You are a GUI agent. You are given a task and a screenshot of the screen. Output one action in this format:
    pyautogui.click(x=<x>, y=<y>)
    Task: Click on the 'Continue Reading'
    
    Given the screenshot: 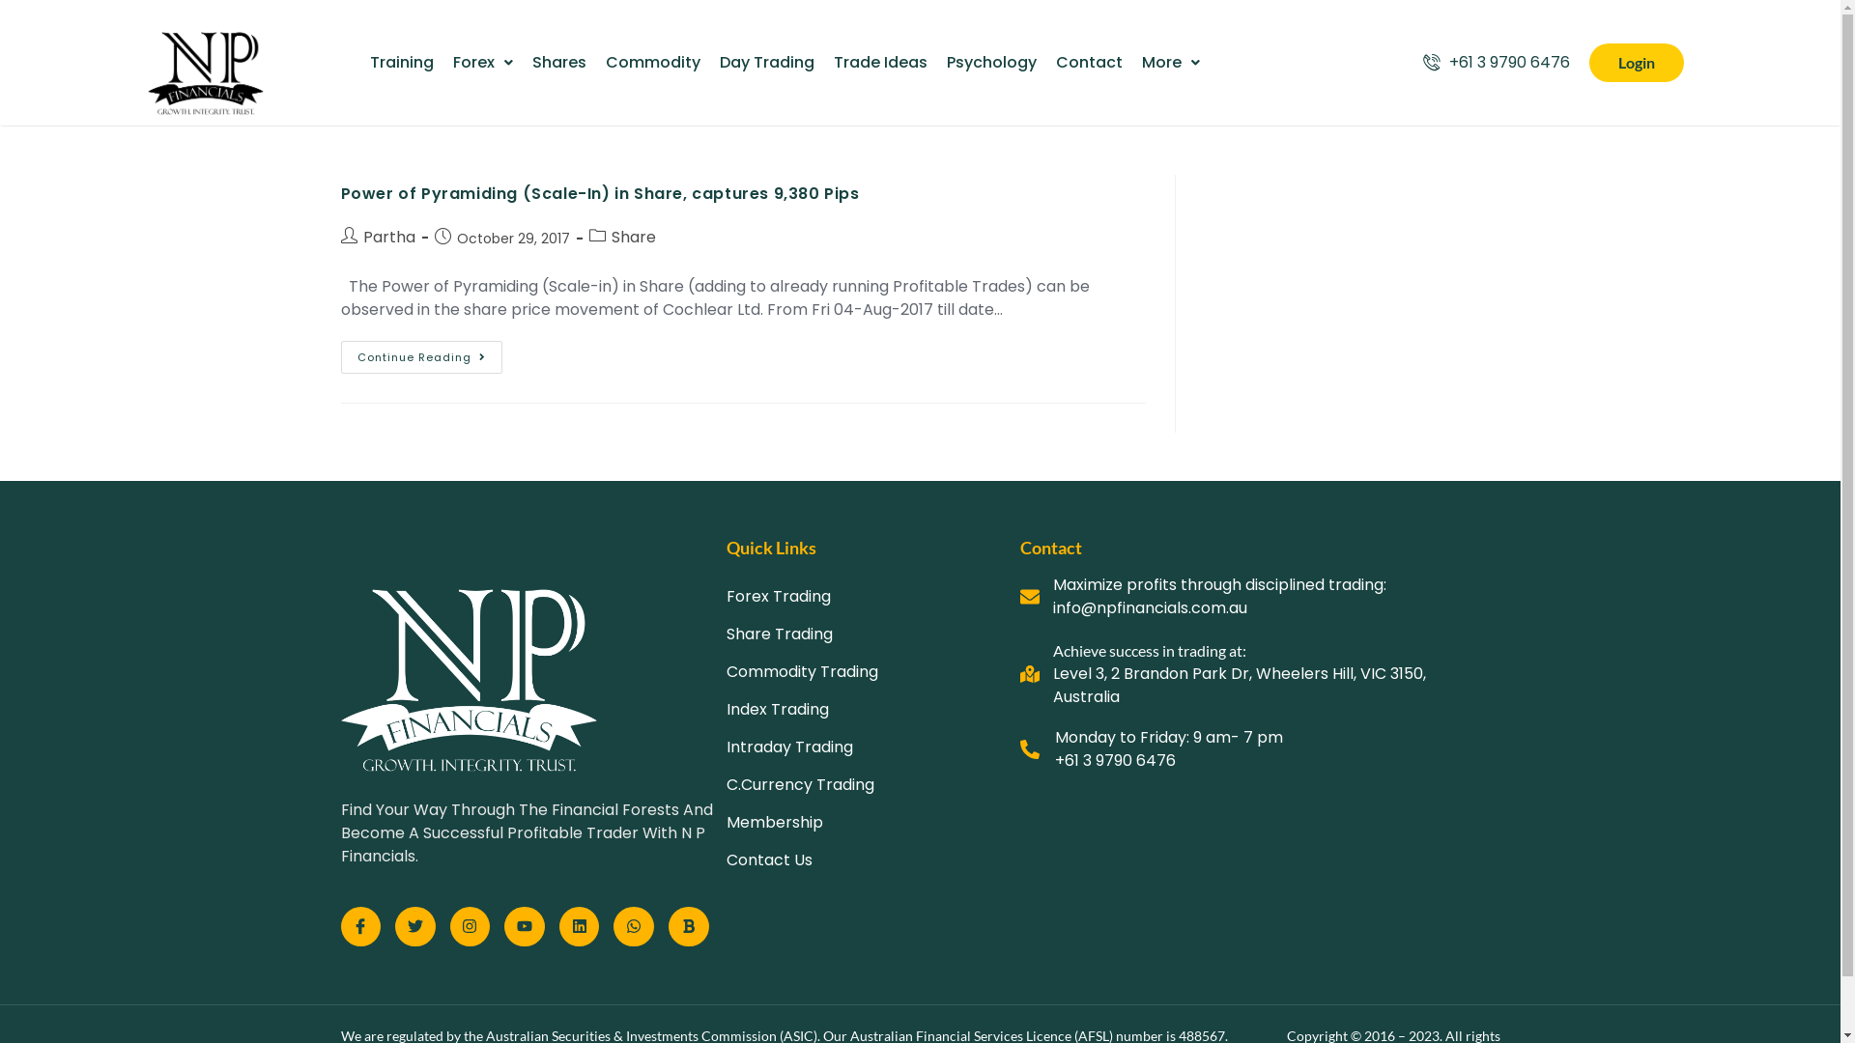 What is the action you would take?
    pyautogui.click(x=419, y=357)
    